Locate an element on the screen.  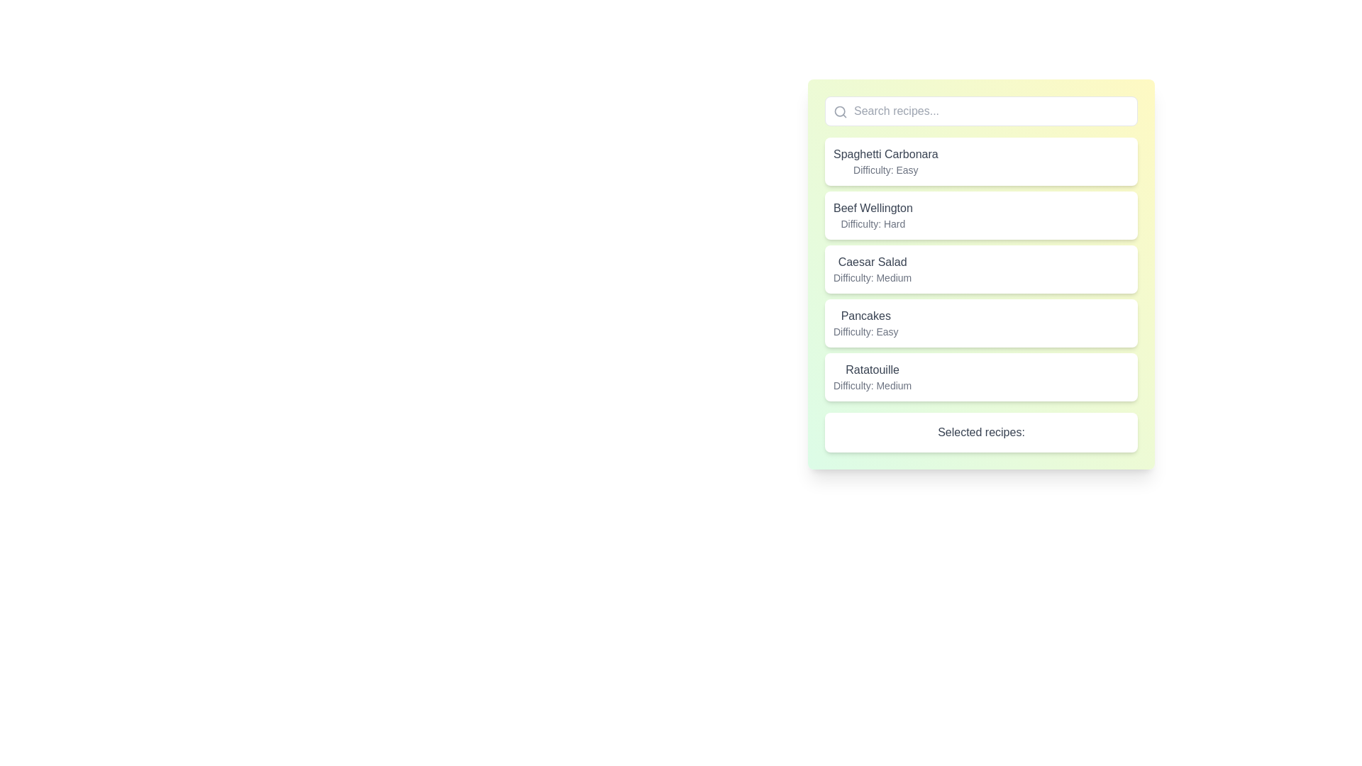
the second selectable list item labeled 'Beef Wellington' is located at coordinates (980, 216).